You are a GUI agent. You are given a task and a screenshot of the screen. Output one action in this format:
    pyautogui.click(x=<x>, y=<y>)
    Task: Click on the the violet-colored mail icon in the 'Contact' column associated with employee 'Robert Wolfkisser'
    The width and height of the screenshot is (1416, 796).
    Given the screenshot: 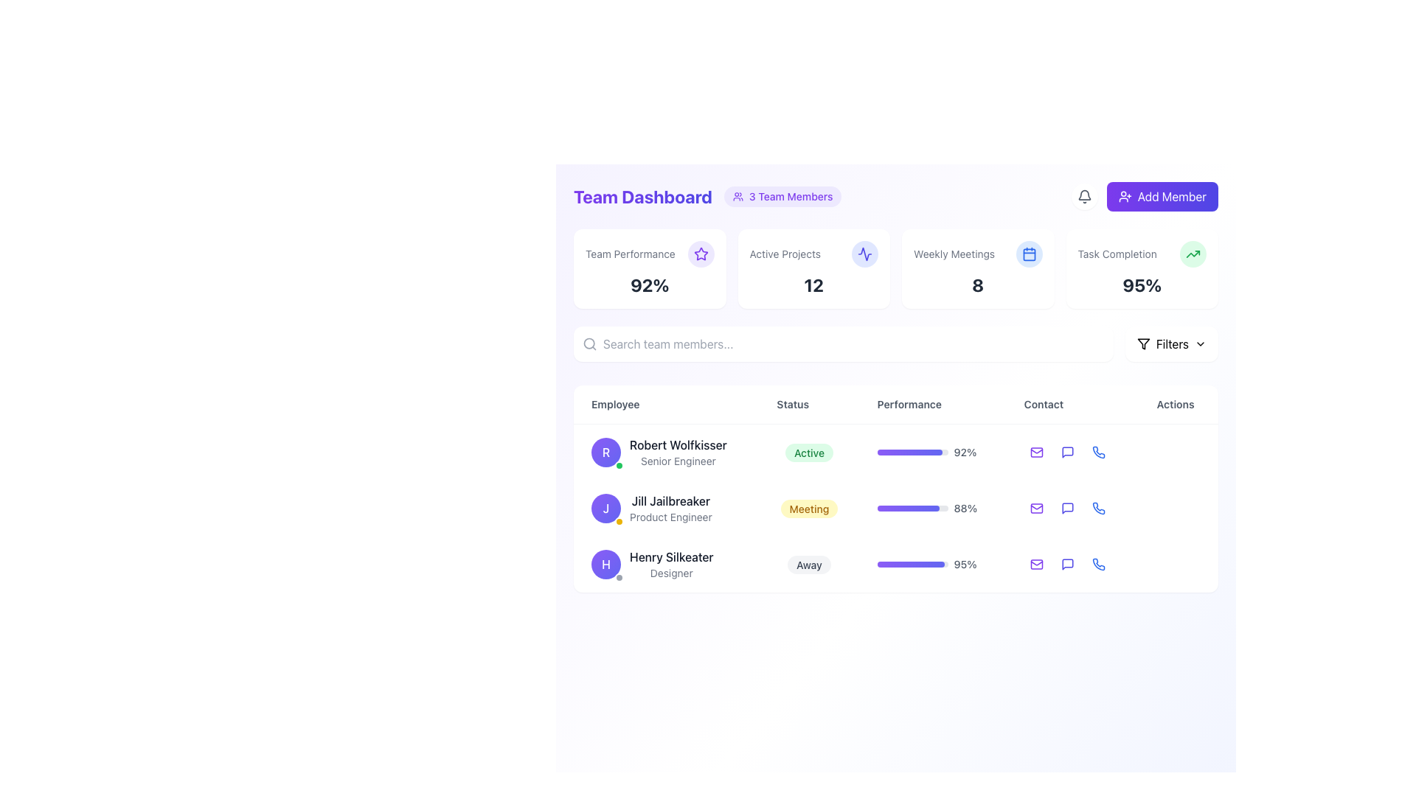 What is the action you would take?
    pyautogui.click(x=1035, y=451)
    